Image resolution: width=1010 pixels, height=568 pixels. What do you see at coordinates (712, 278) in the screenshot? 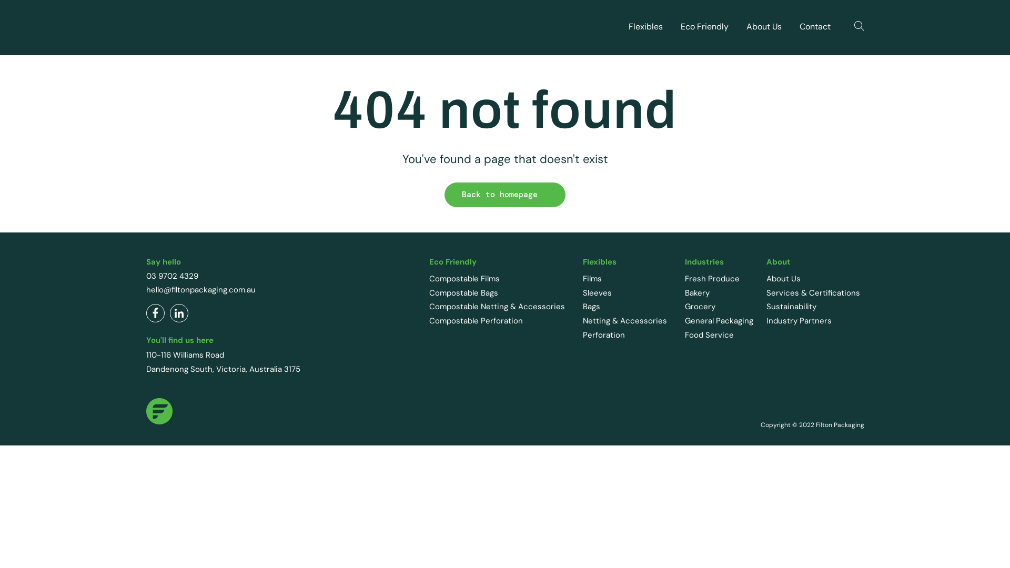
I see `'Fresh Produce'` at bounding box center [712, 278].